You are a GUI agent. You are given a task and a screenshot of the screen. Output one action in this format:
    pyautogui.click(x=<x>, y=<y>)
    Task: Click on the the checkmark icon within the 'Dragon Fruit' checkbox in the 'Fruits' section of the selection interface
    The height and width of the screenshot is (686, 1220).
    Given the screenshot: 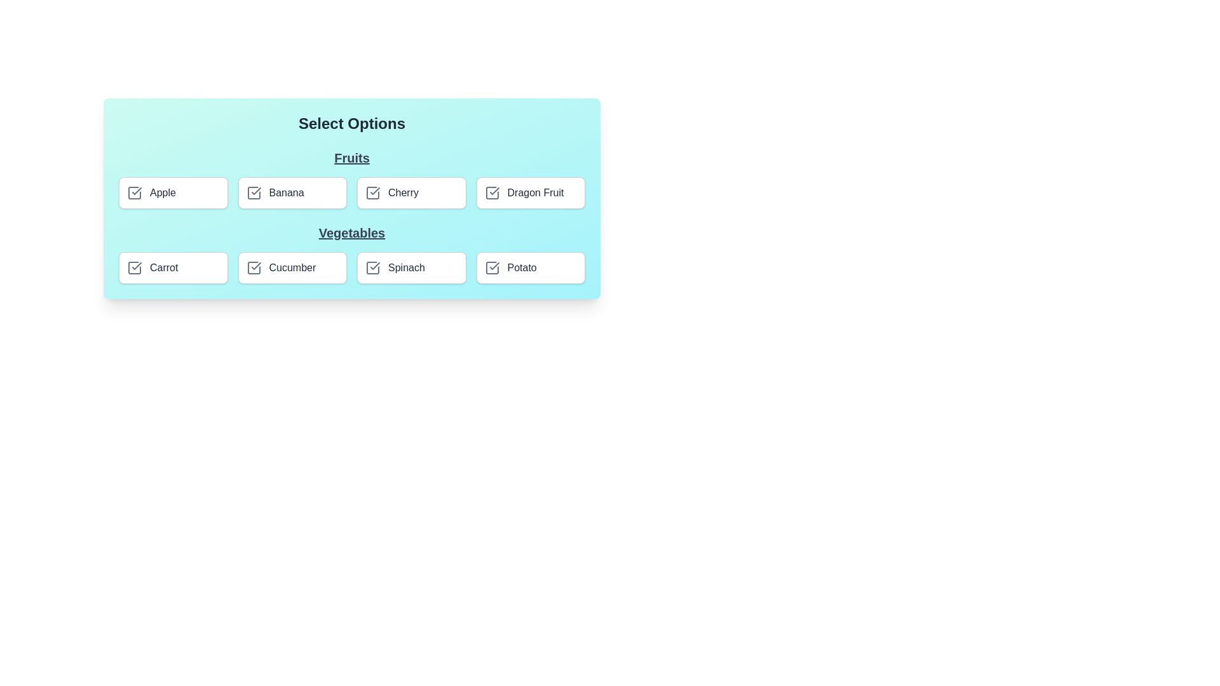 What is the action you would take?
    pyautogui.click(x=491, y=193)
    